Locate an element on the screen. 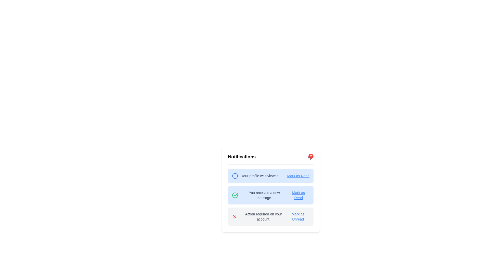 This screenshot has width=489, height=275. the 'Mark as Read' link in the notification card indicating 'You received a new message.' is located at coordinates (270, 189).